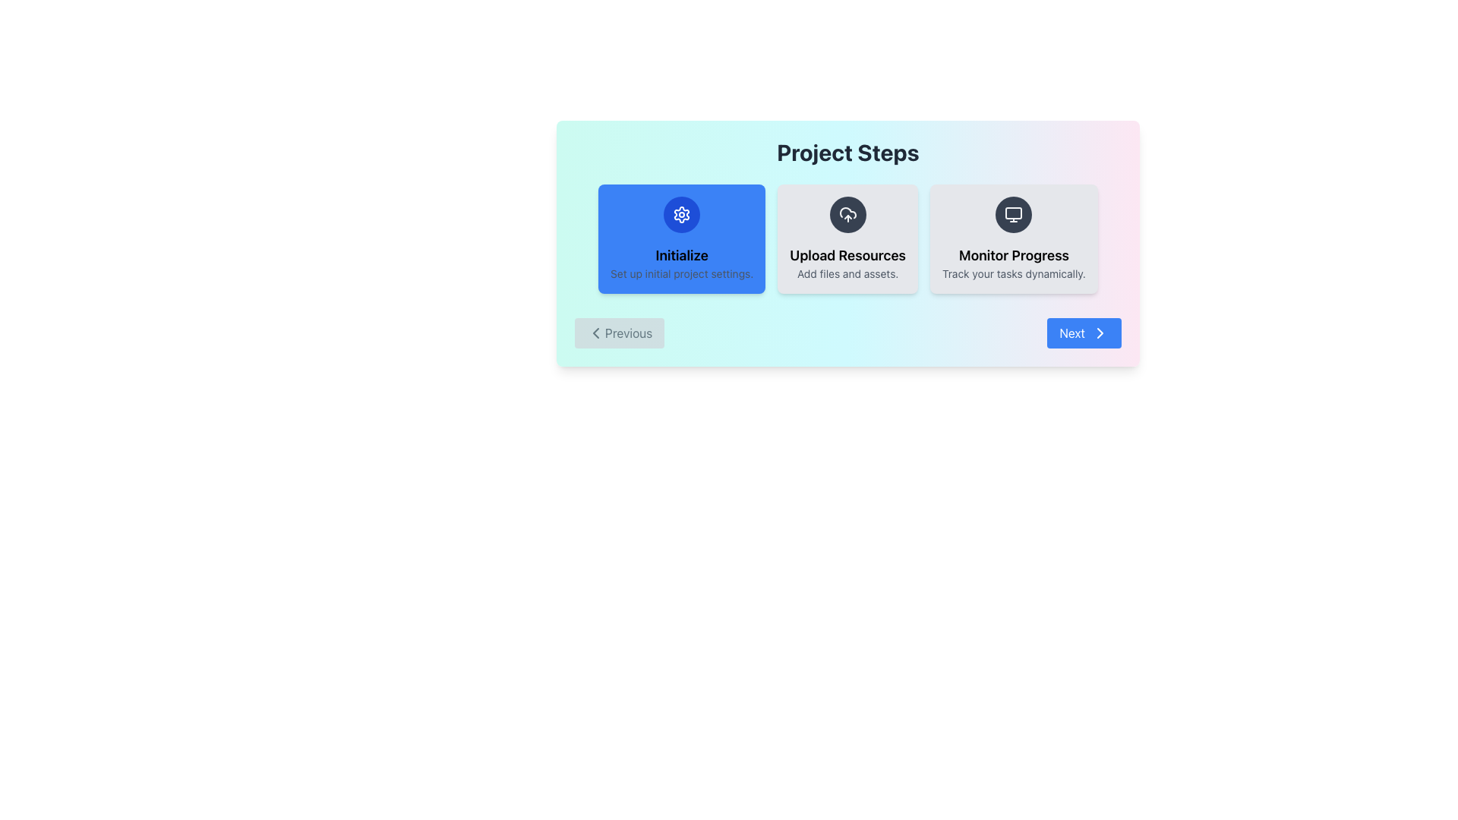 This screenshot has width=1458, height=820. Describe the element at coordinates (847, 214) in the screenshot. I see `the circular upload button with a cloud icon, located` at that location.